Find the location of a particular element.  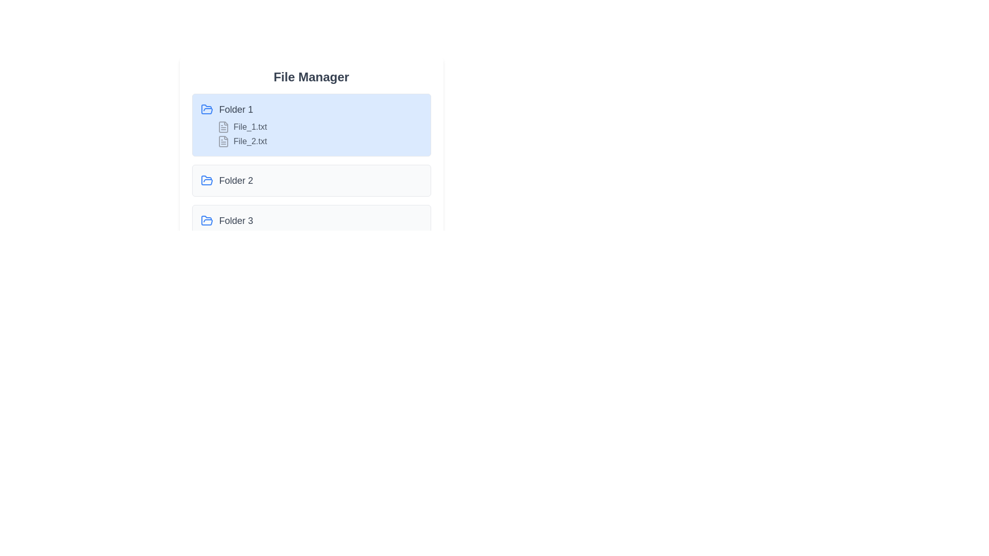

the text label indicating the file system folder named 'Folder 1', which is located on the left side of the 'File Manager' section, aligned next to a folder icon is located at coordinates (235, 109).